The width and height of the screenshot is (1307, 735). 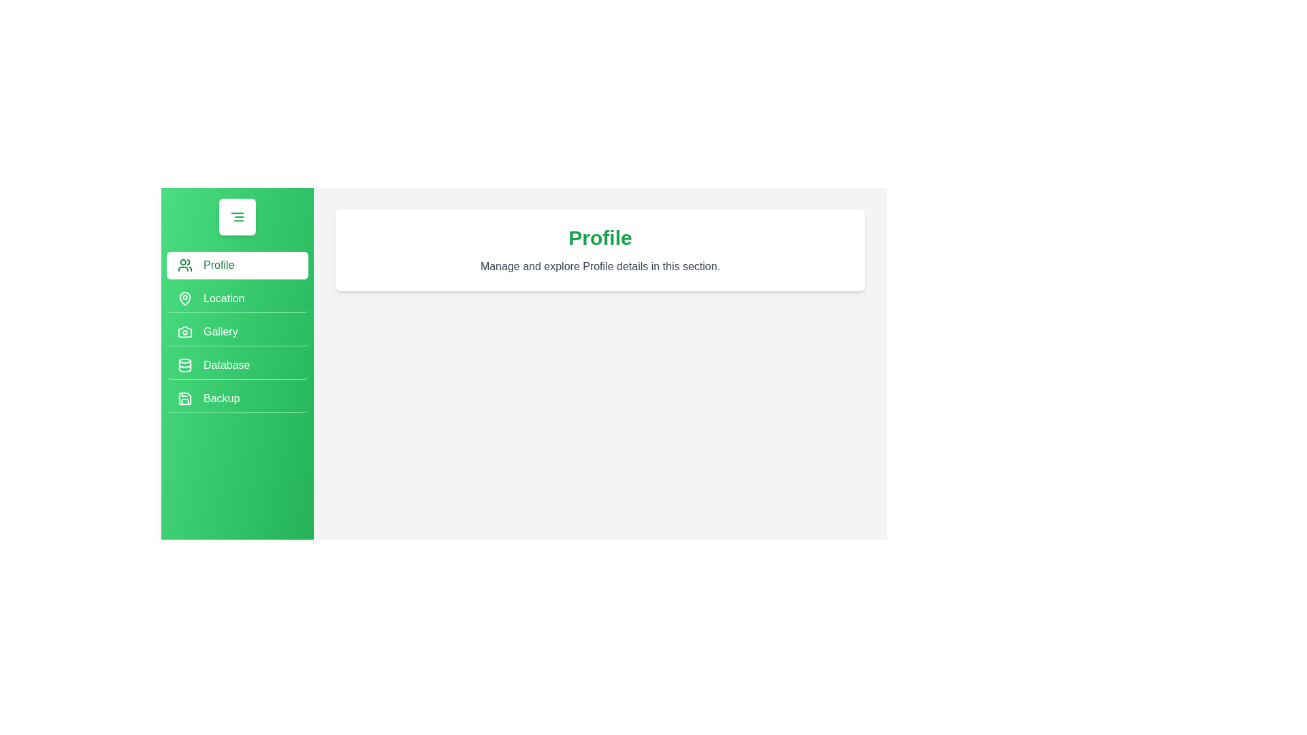 What do you see at coordinates (238, 398) in the screenshot?
I see `the menu option Backup in the drawer` at bounding box center [238, 398].